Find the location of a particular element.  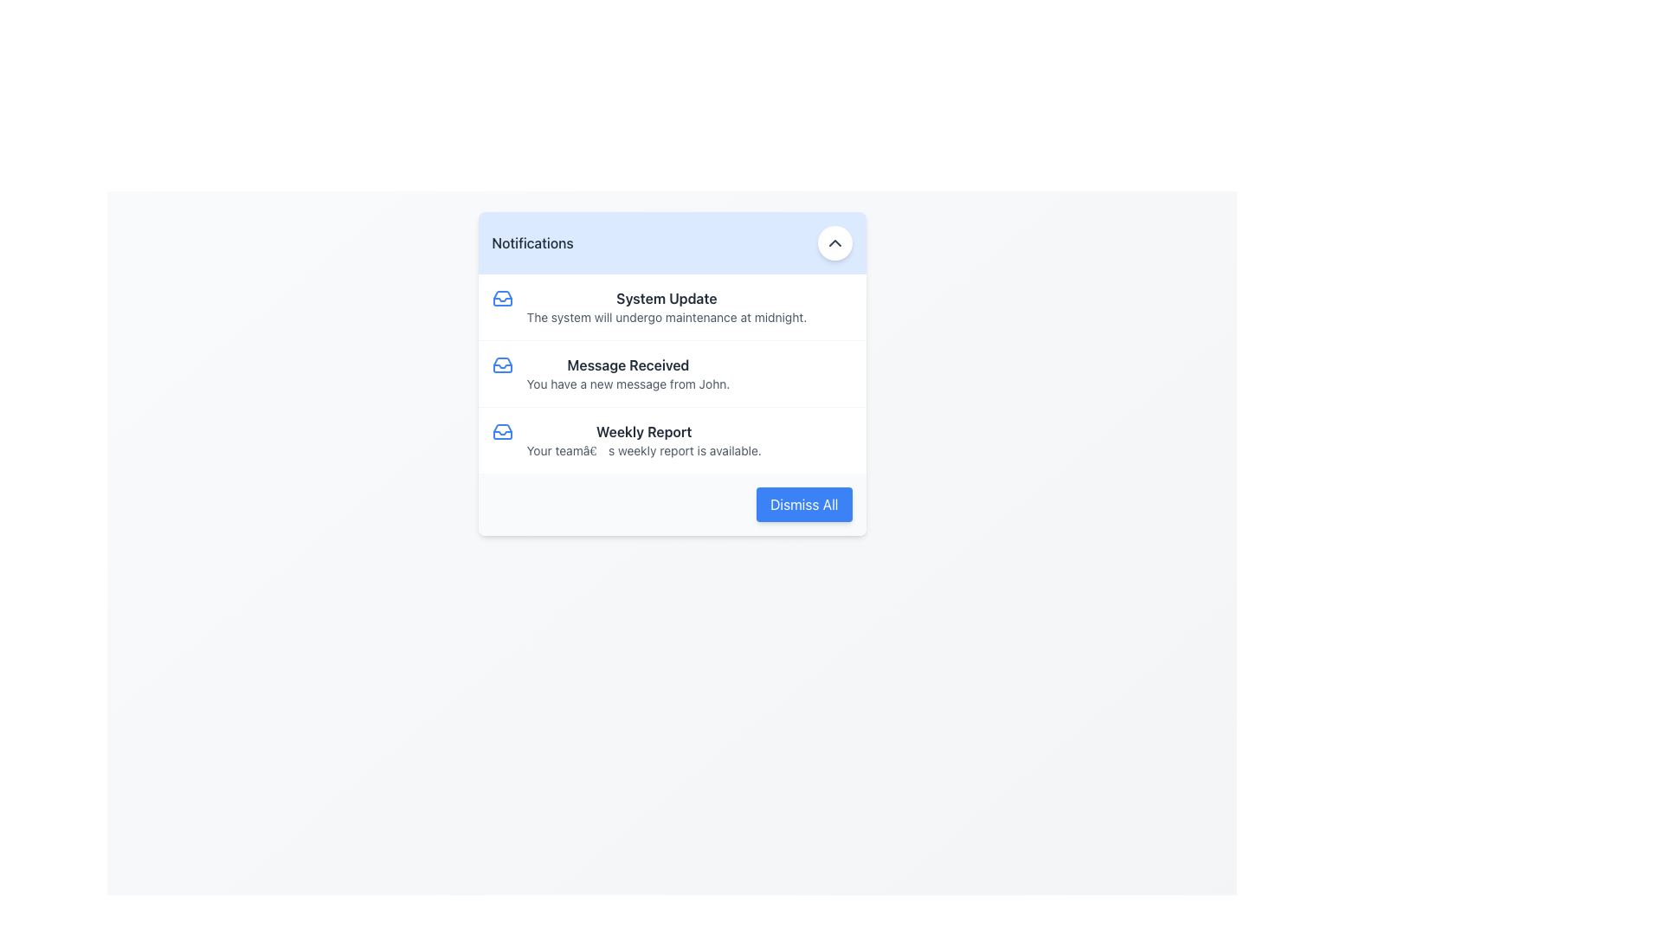

the upward-pointing chevron icon, which is styled with a thin stroke and no fill, located at the center of a circular button in the top-right corner of the 'Notifications' modal header area is located at coordinates (834, 243).